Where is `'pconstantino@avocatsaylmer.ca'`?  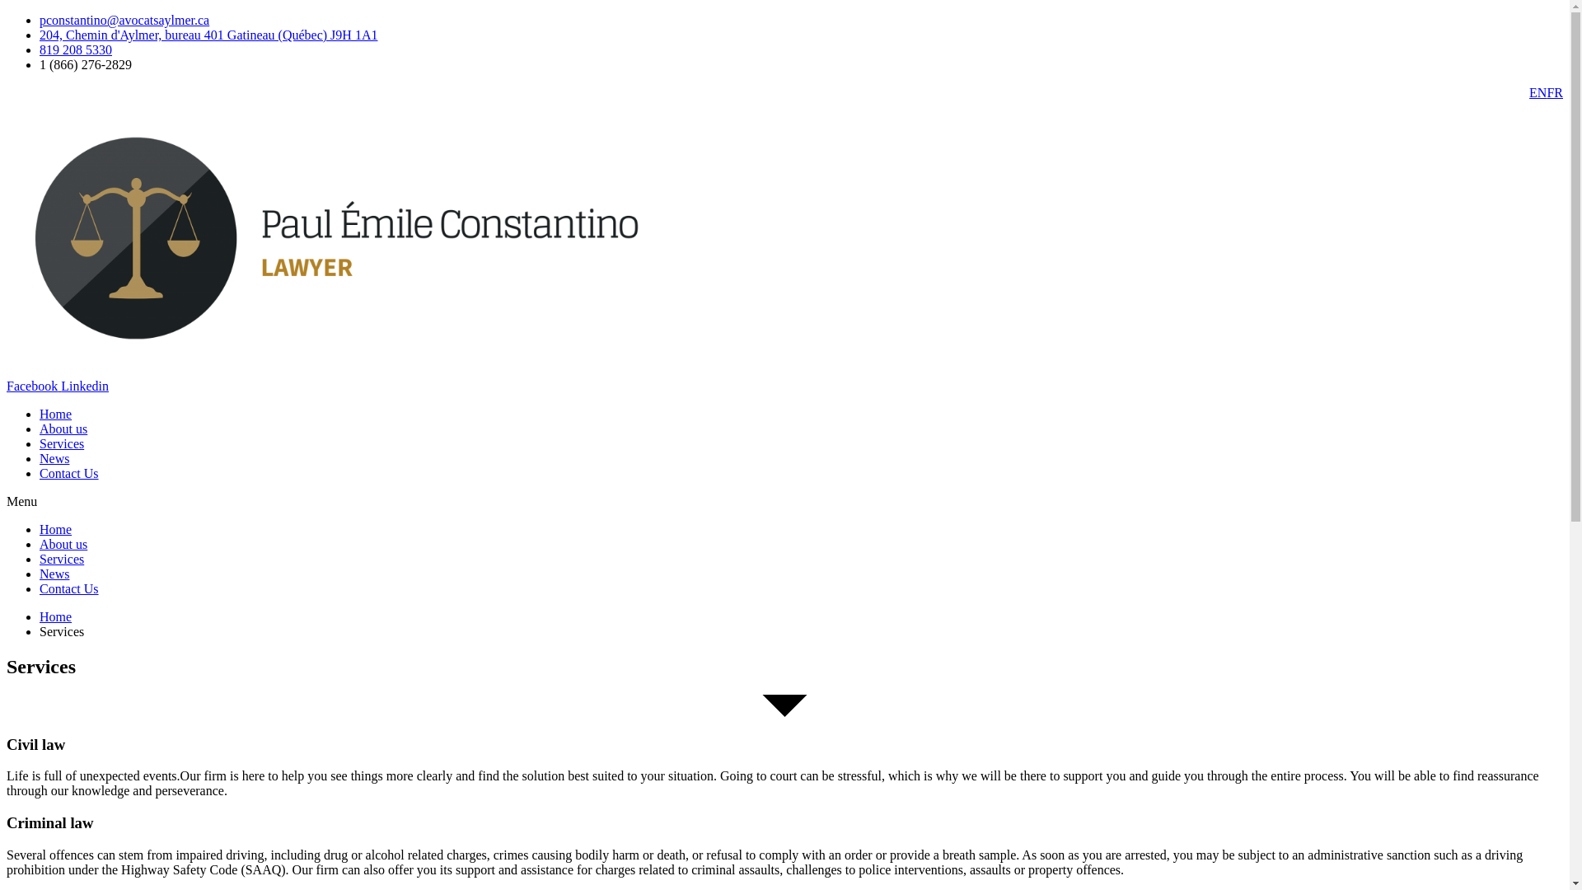
'pconstantino@avocatsaylmer.ca' is located at coordinates (123, 20).